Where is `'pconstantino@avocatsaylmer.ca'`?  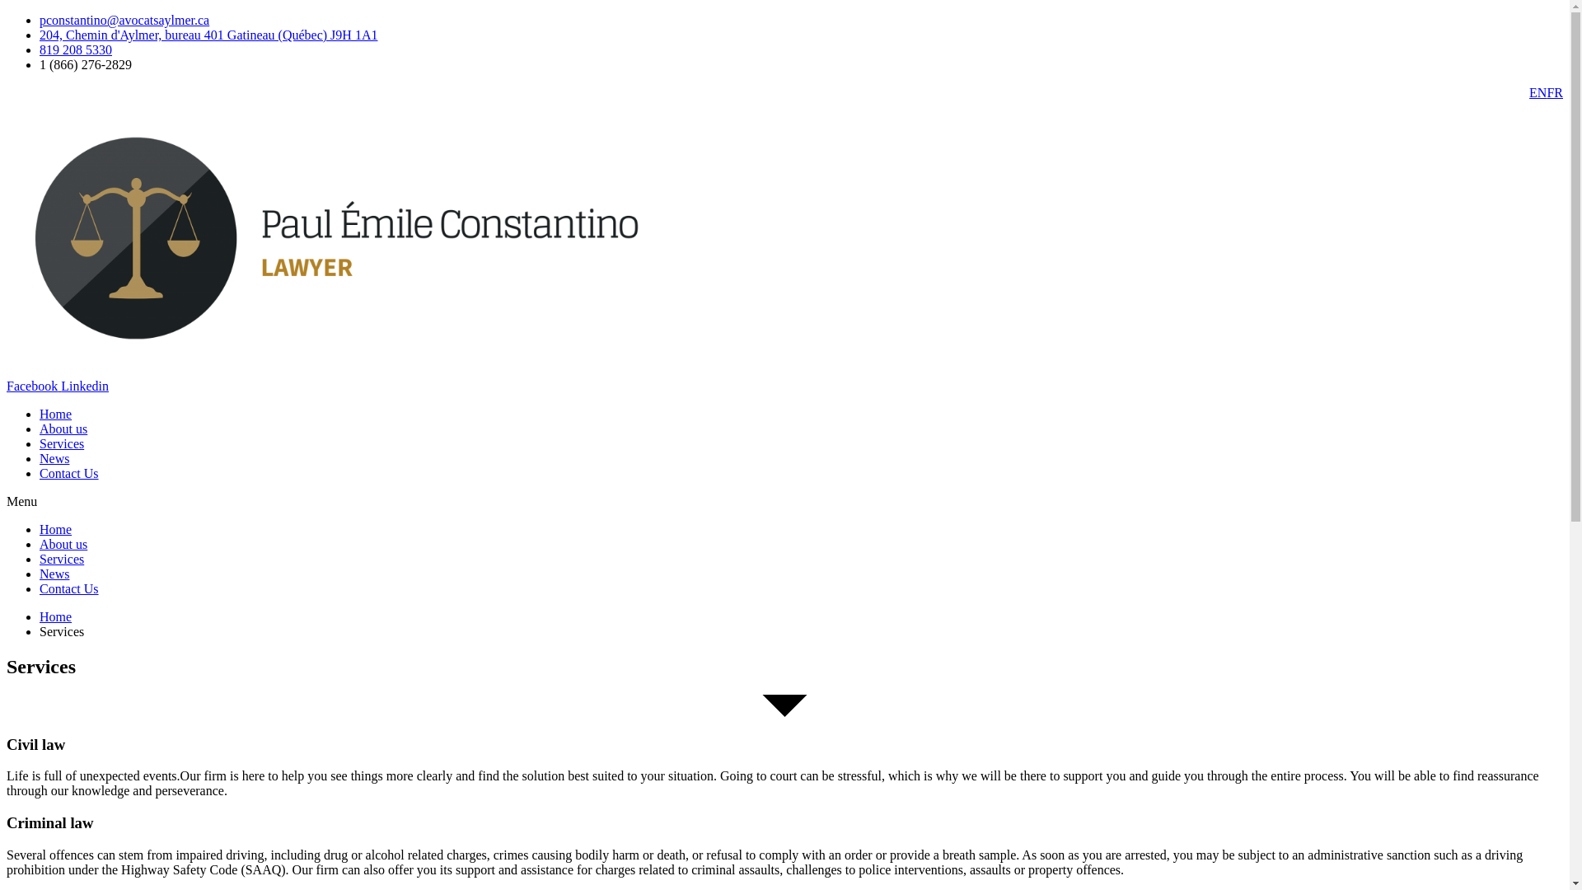
'pconstantino@avocatsaylmer.ca' is located at coordinates (123, 20).